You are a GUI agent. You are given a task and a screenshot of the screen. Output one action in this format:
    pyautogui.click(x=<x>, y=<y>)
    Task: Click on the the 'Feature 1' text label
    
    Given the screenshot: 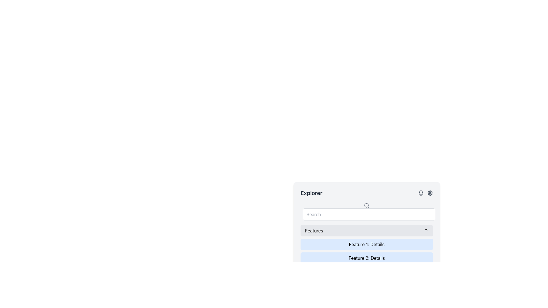 What is the action you would take?
    pyautogui.click(x=367, y=244)
    